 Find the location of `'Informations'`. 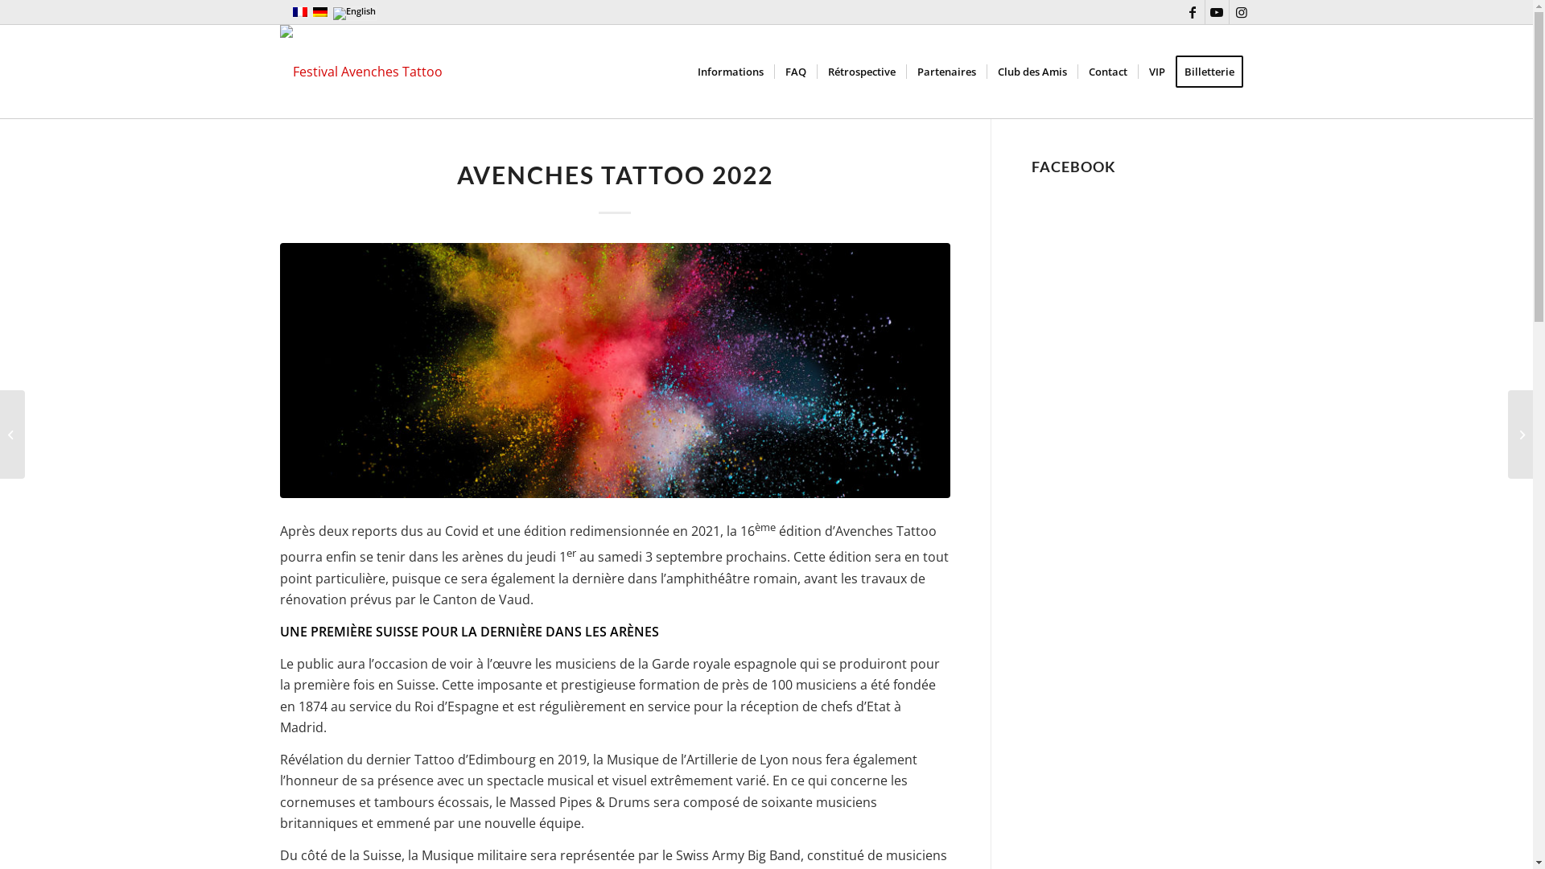

'Informations' is located at coordinates (729, 70).